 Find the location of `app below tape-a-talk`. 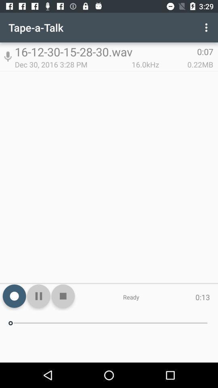

app below tape-a-talk is located at coordinates (7, 56).